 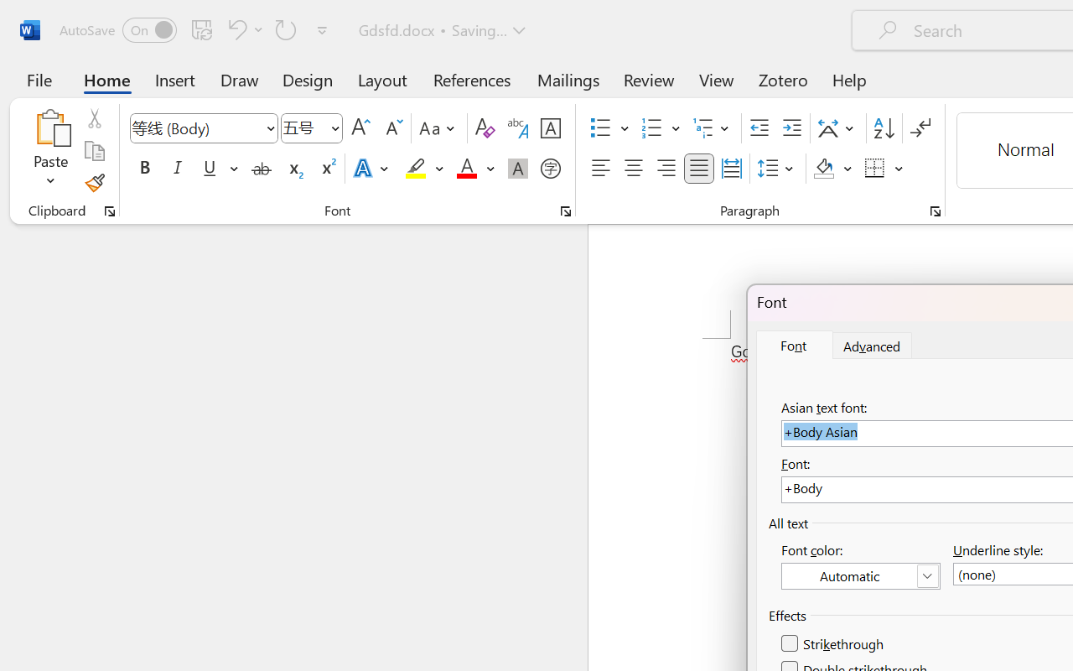 What do you see at coordinates (665, 169) in the screenshot?
I see `'Align Right'` at bounding box center [665, 169].